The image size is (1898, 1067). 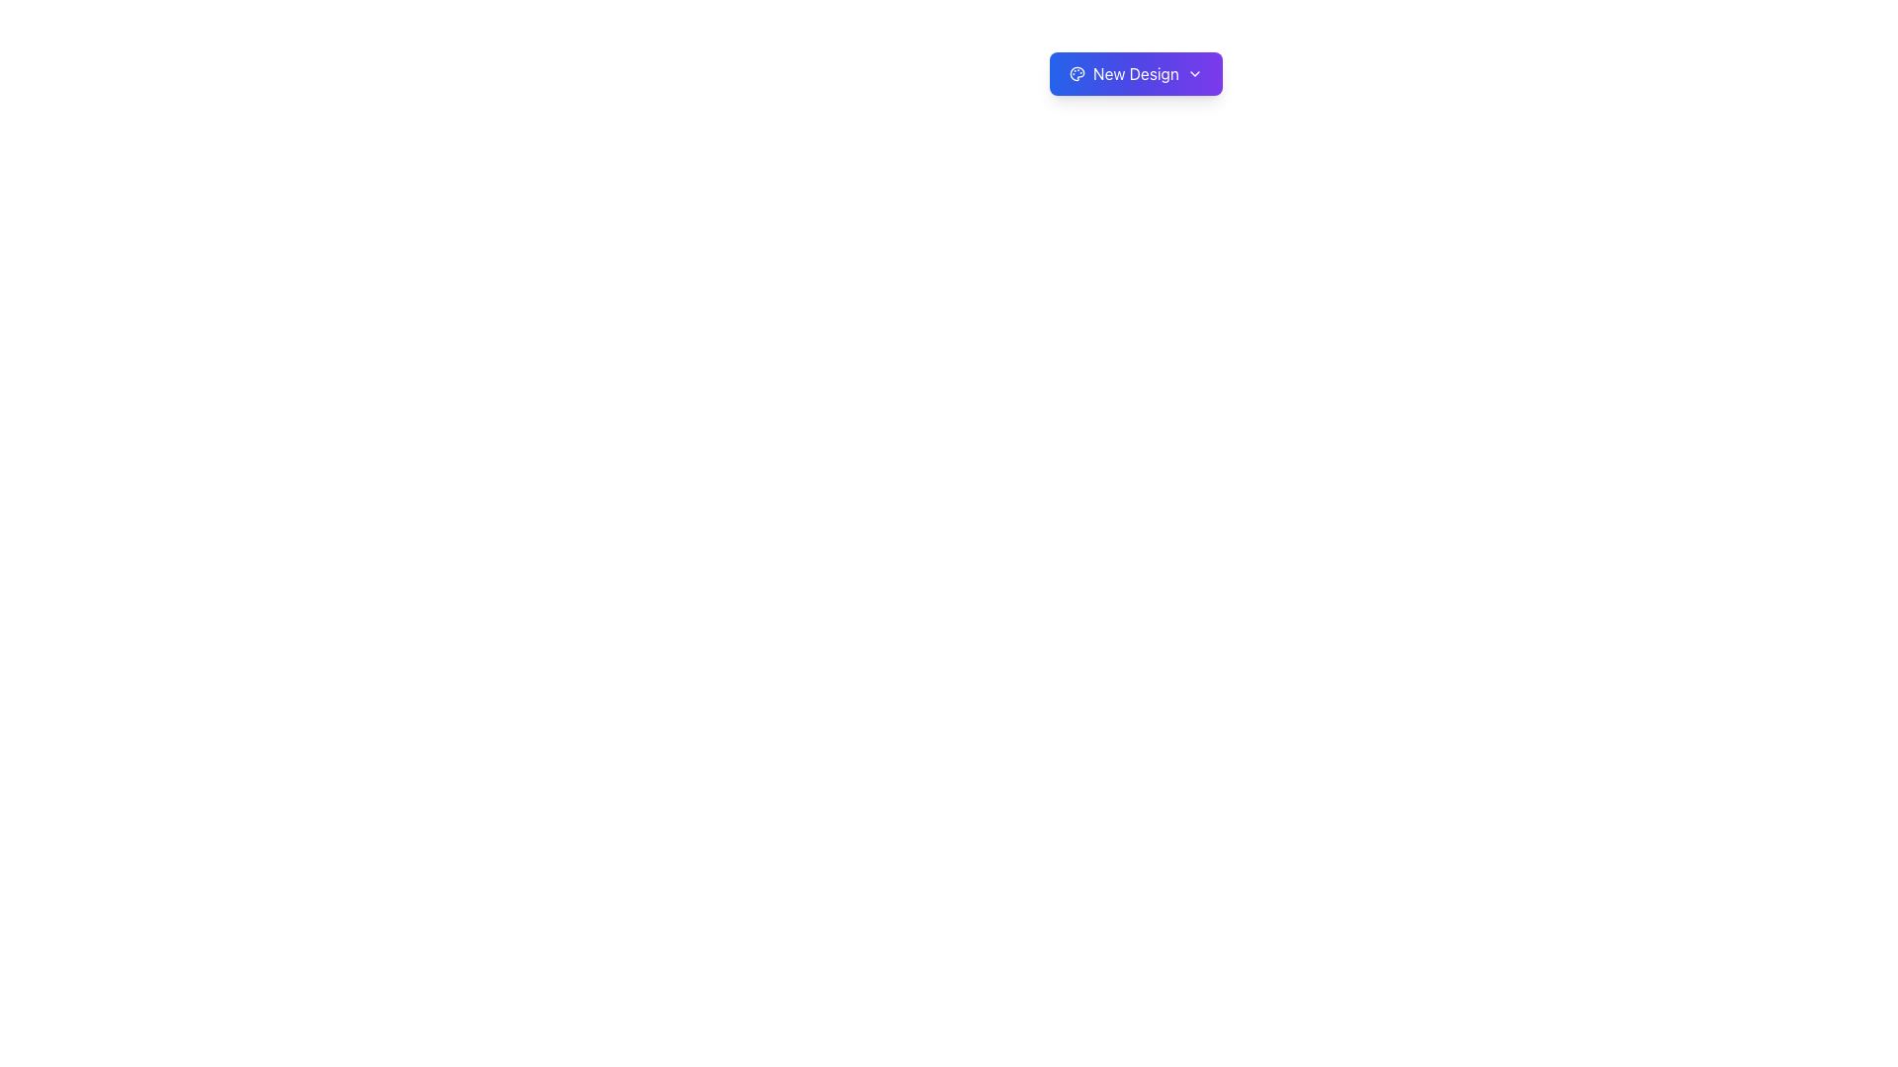 What do you see at coordinates (1136, 72) in the screenshot?
I see `the 'New Design' button which features a white text label on a gradient blue to violet background, positioned at the top right of the interface` at bounding box center [1136, 72].